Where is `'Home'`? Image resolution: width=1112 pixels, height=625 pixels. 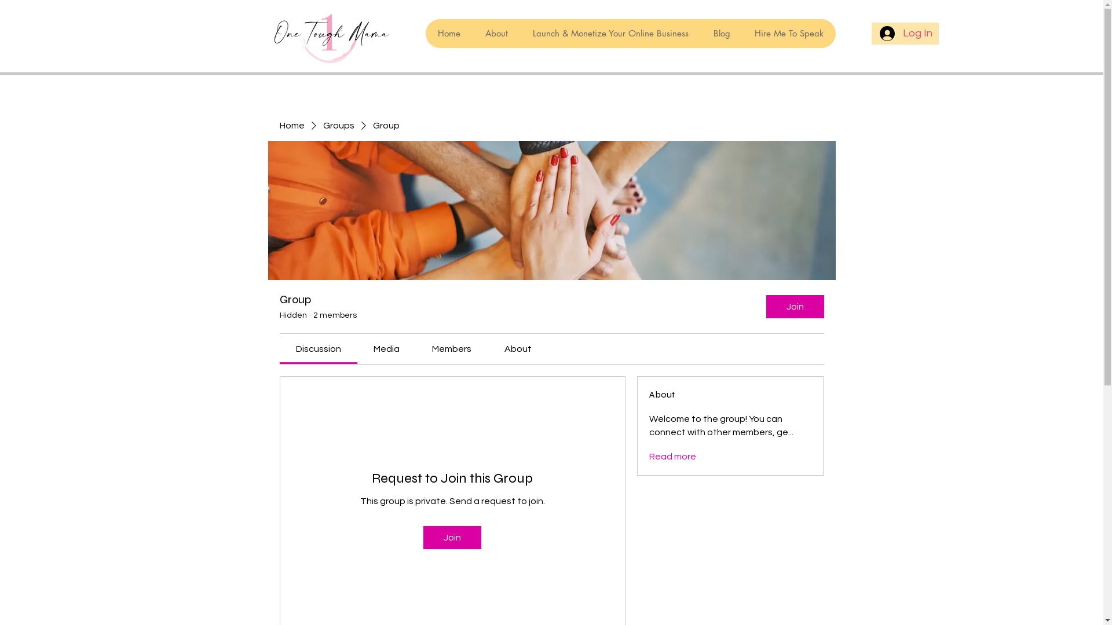 'Home' is located at coordinates (448, 32).